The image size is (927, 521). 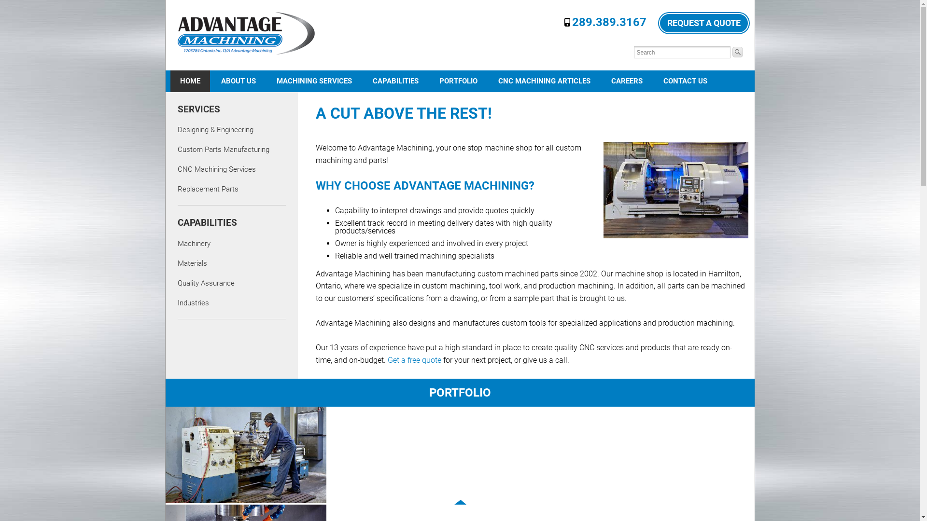 I want to click on 'Replacement Parts', so click(x=178, y=189).